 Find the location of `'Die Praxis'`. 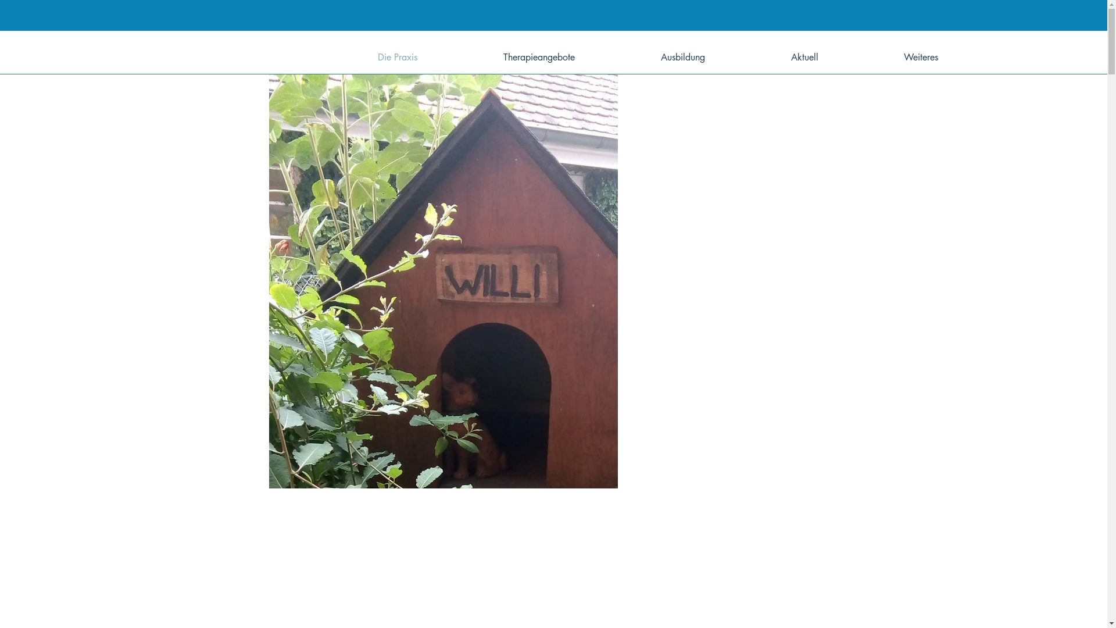

'Die Praxis' is located at coordinates (397, 57).